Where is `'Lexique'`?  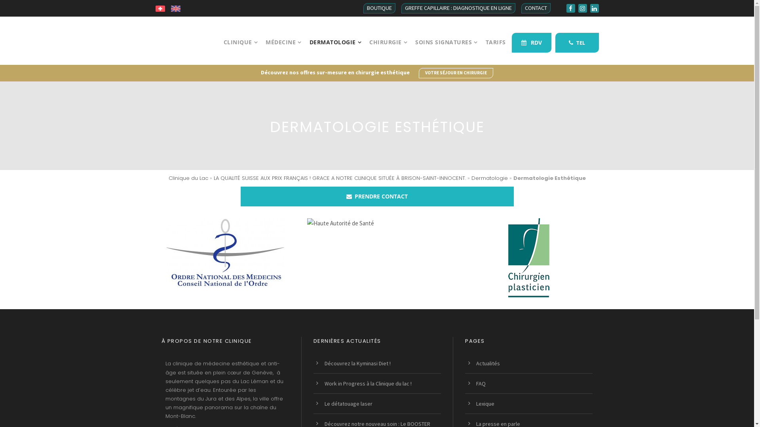 'Lexique' is located at coordinates (484, 404).